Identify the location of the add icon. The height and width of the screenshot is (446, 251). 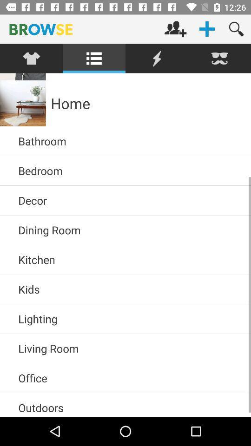
(207, 29).